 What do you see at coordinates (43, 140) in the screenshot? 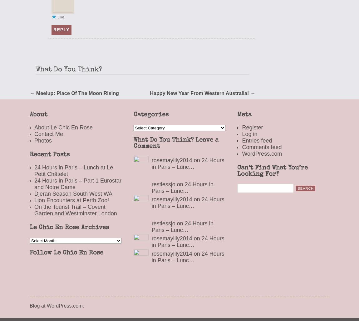
I see `'Photos'` at bounding box center [43, 140].